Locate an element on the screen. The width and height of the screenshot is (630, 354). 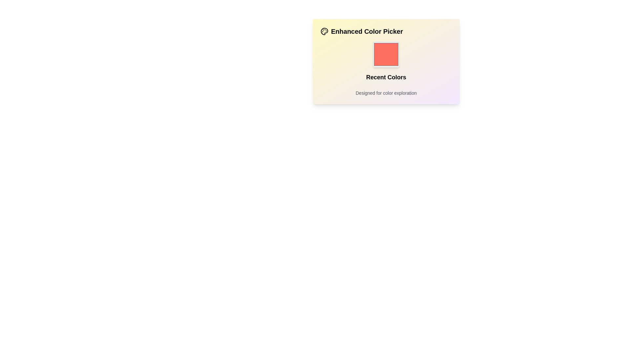
the red color swatch in the 'Recent Colors' section is located at coordinates (386, 54).